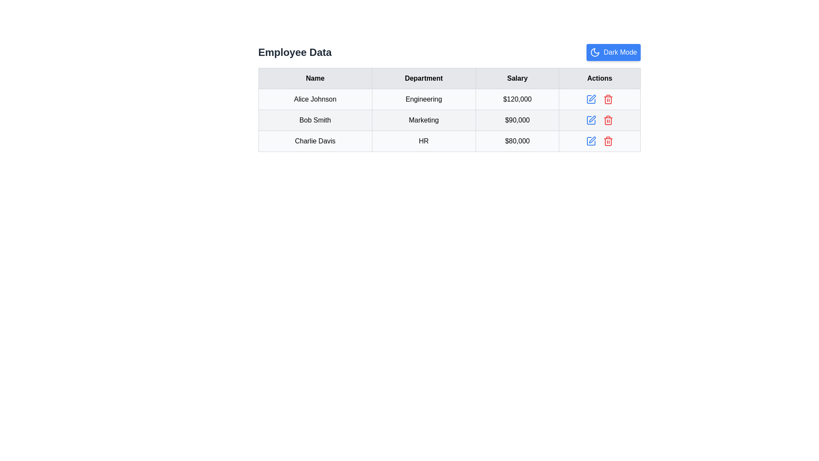 Image resolution: width=819 pixels, height=461 pixels. I want to click on the 'Dark Mode' icon located at the top right corner of the interface, which signifies the toggle for night mode functionality, so click(595, 53).